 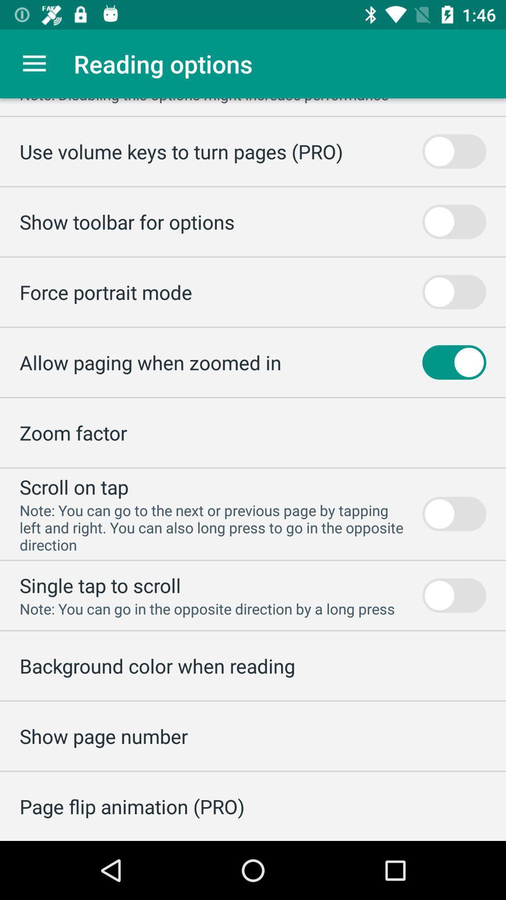 What do you see at coordinates (156, 665) in the screenshot?
I see `the background color when item` at bounding box center [156, 665].